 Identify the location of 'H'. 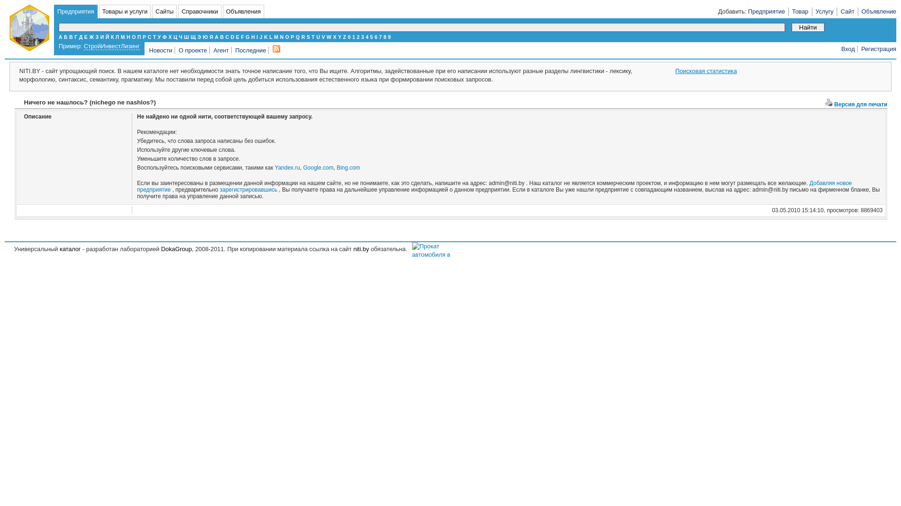
(252, 36).